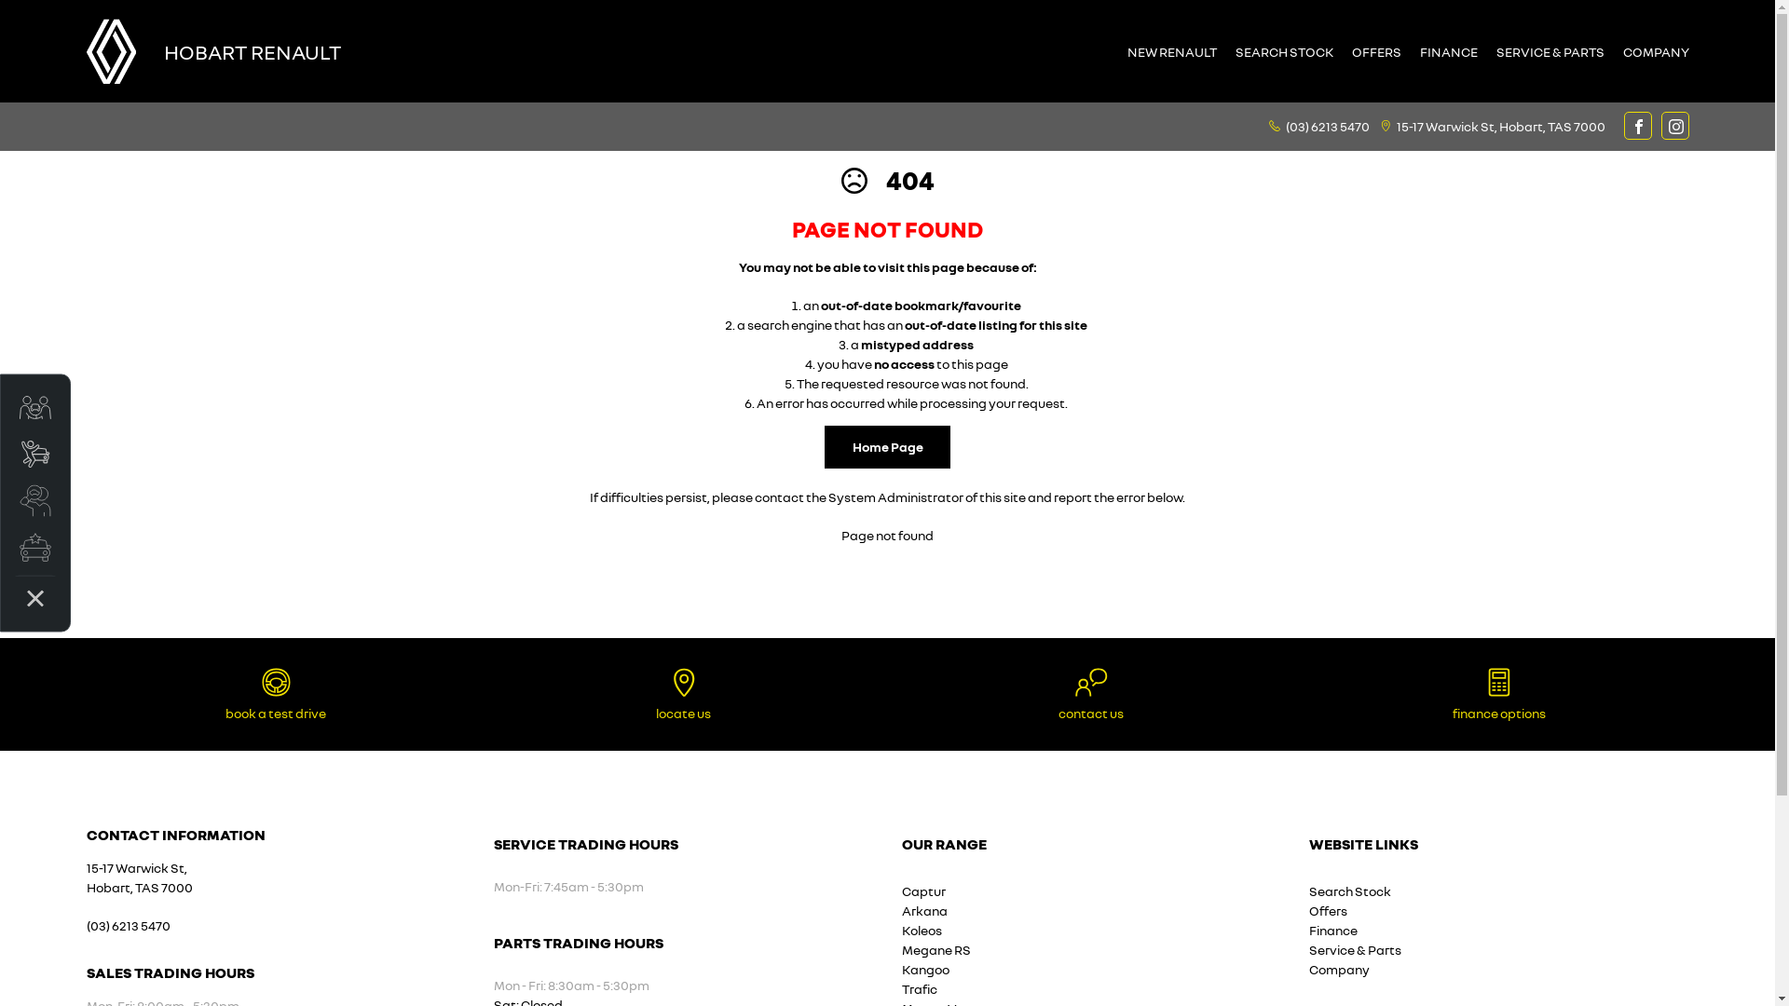  I want to click on 'Home Page', so click(886, 446).